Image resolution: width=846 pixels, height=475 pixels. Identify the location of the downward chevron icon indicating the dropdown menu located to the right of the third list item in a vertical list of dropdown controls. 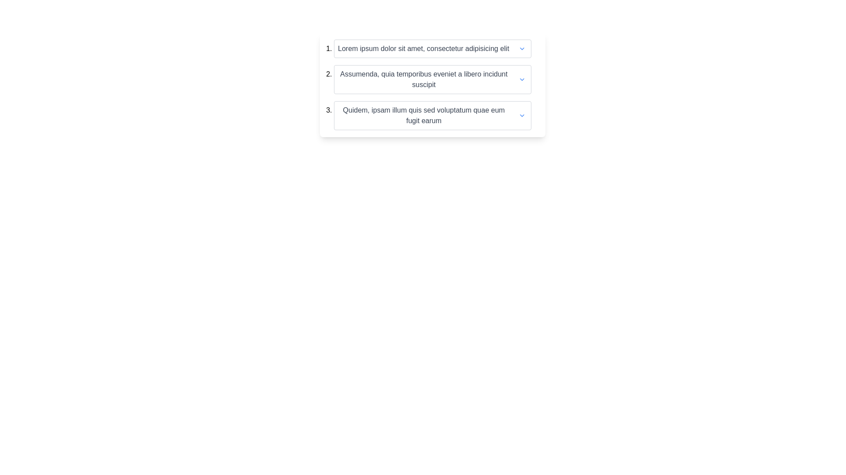
(522, 115).